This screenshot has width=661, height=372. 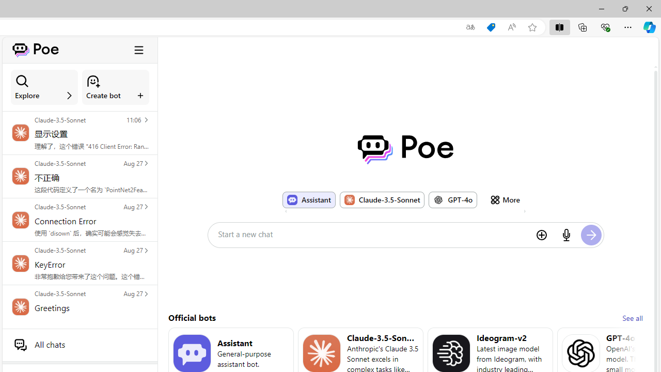 What do you see at coordinates (581, 352) in the screenshot?
I see `'Bot image for GPT-4o-Mini'` at bounding box center [581, 352].